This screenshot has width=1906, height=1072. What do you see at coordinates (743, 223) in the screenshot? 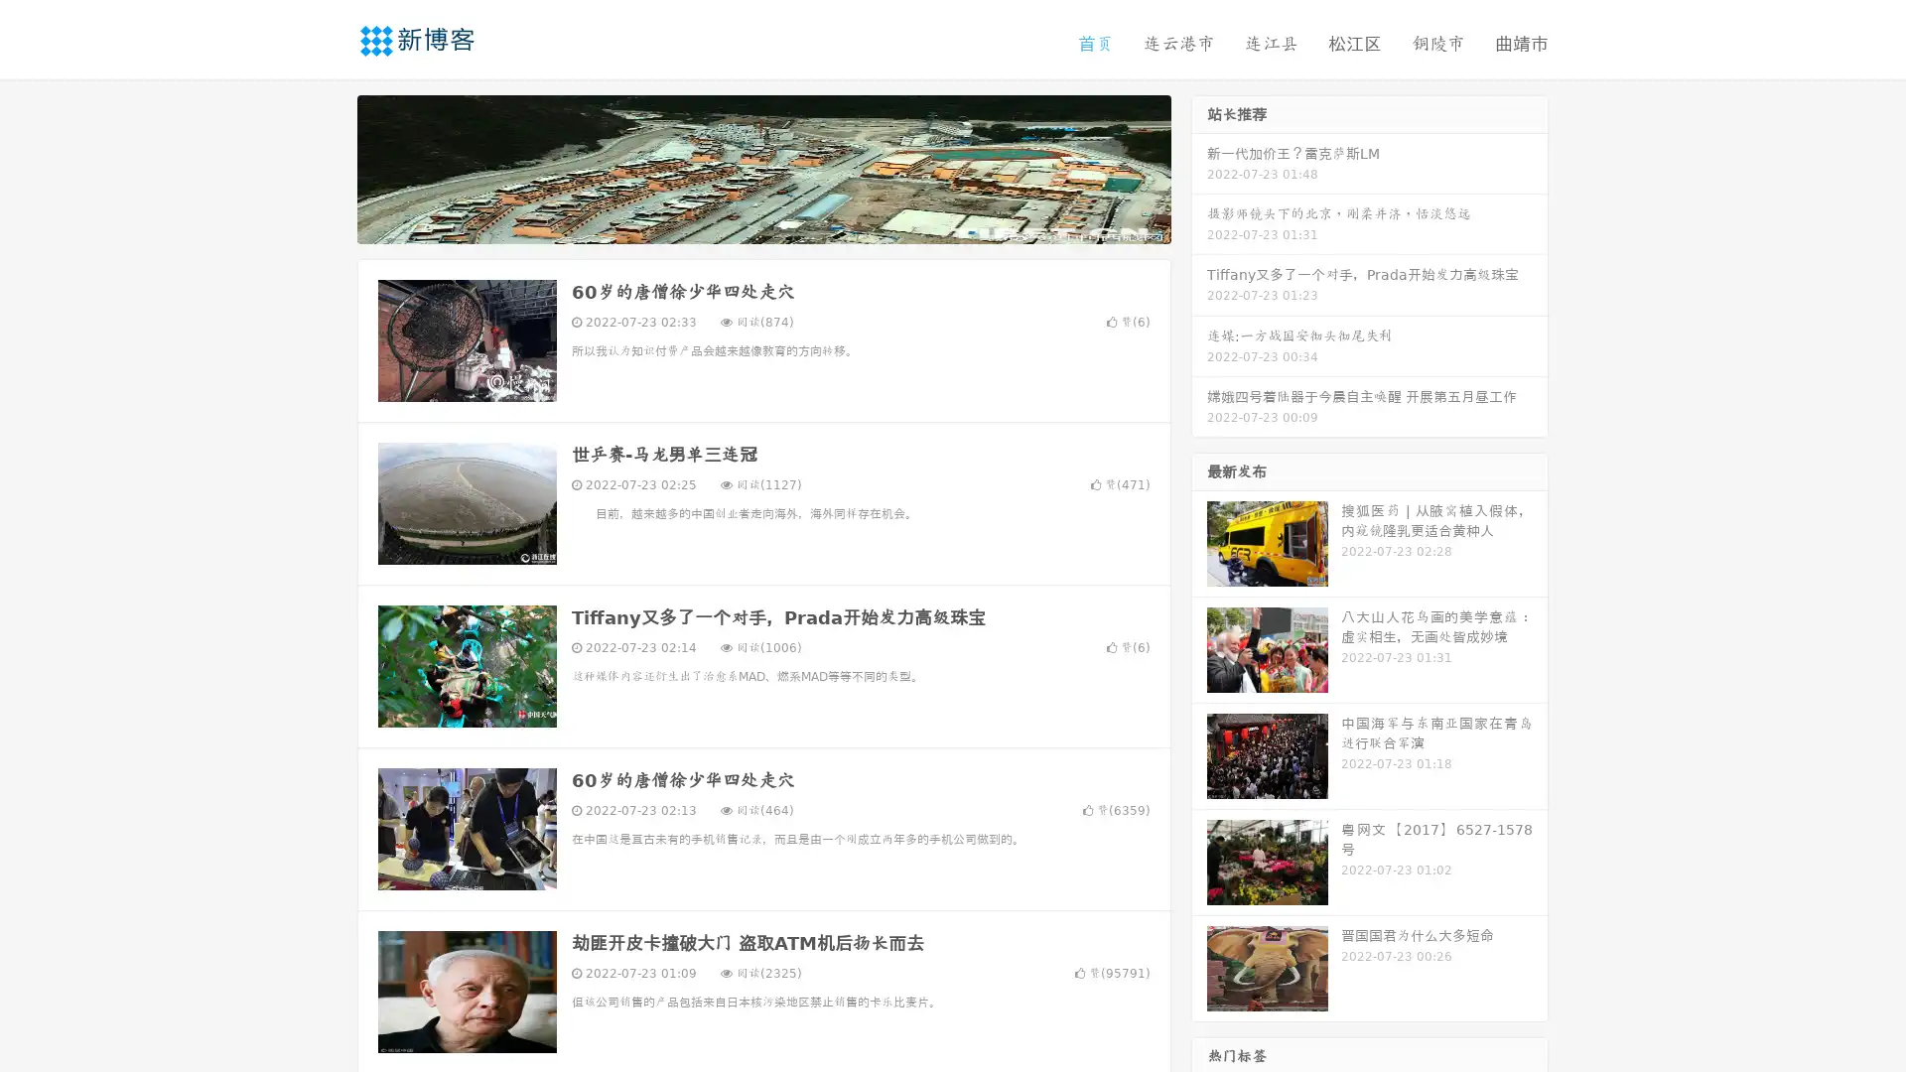
I see `Go to slide 1` at bounding box center [743, 223].